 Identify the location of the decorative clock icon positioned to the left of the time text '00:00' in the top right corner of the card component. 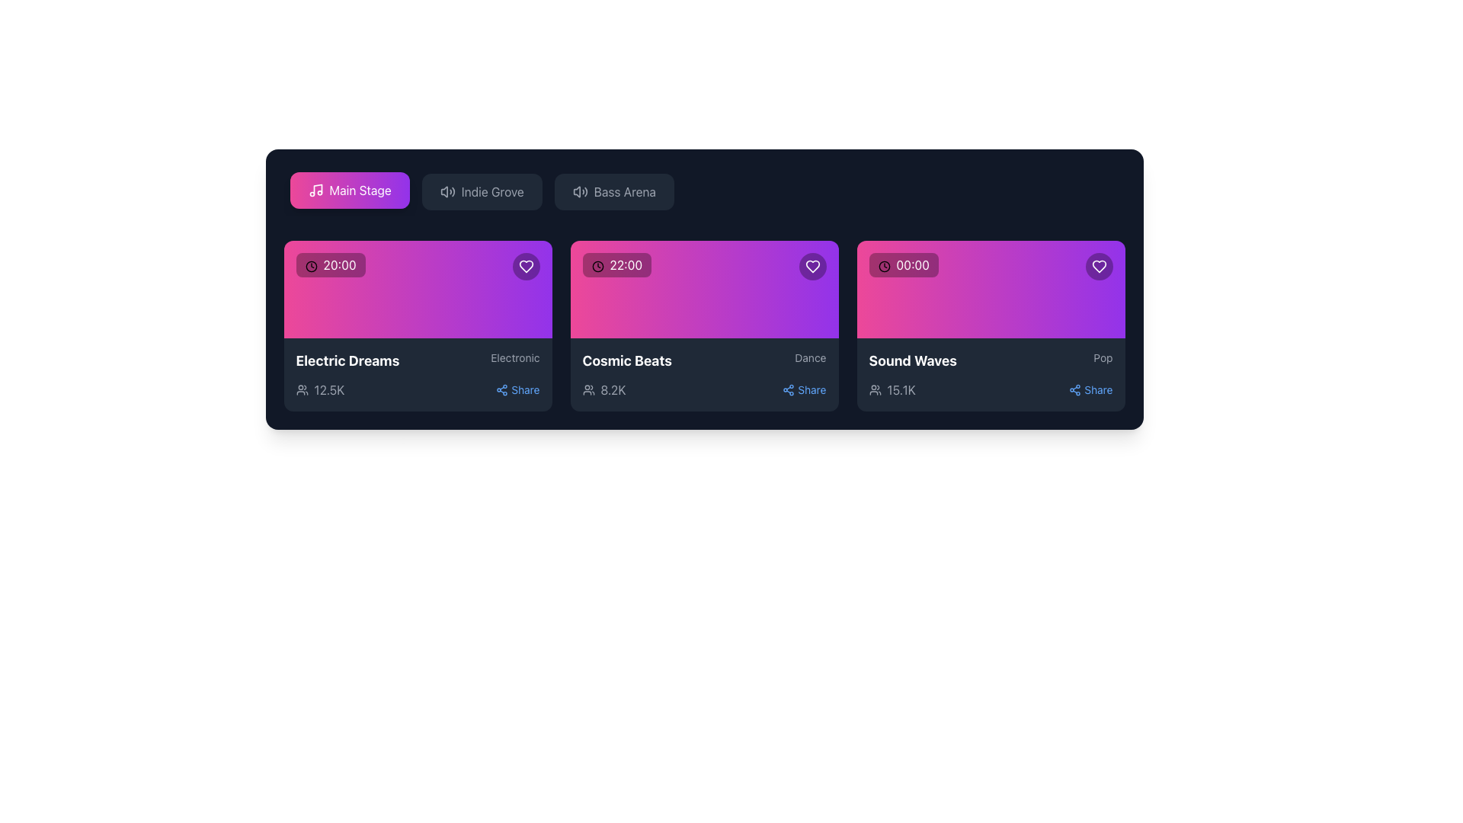
(884, 265).